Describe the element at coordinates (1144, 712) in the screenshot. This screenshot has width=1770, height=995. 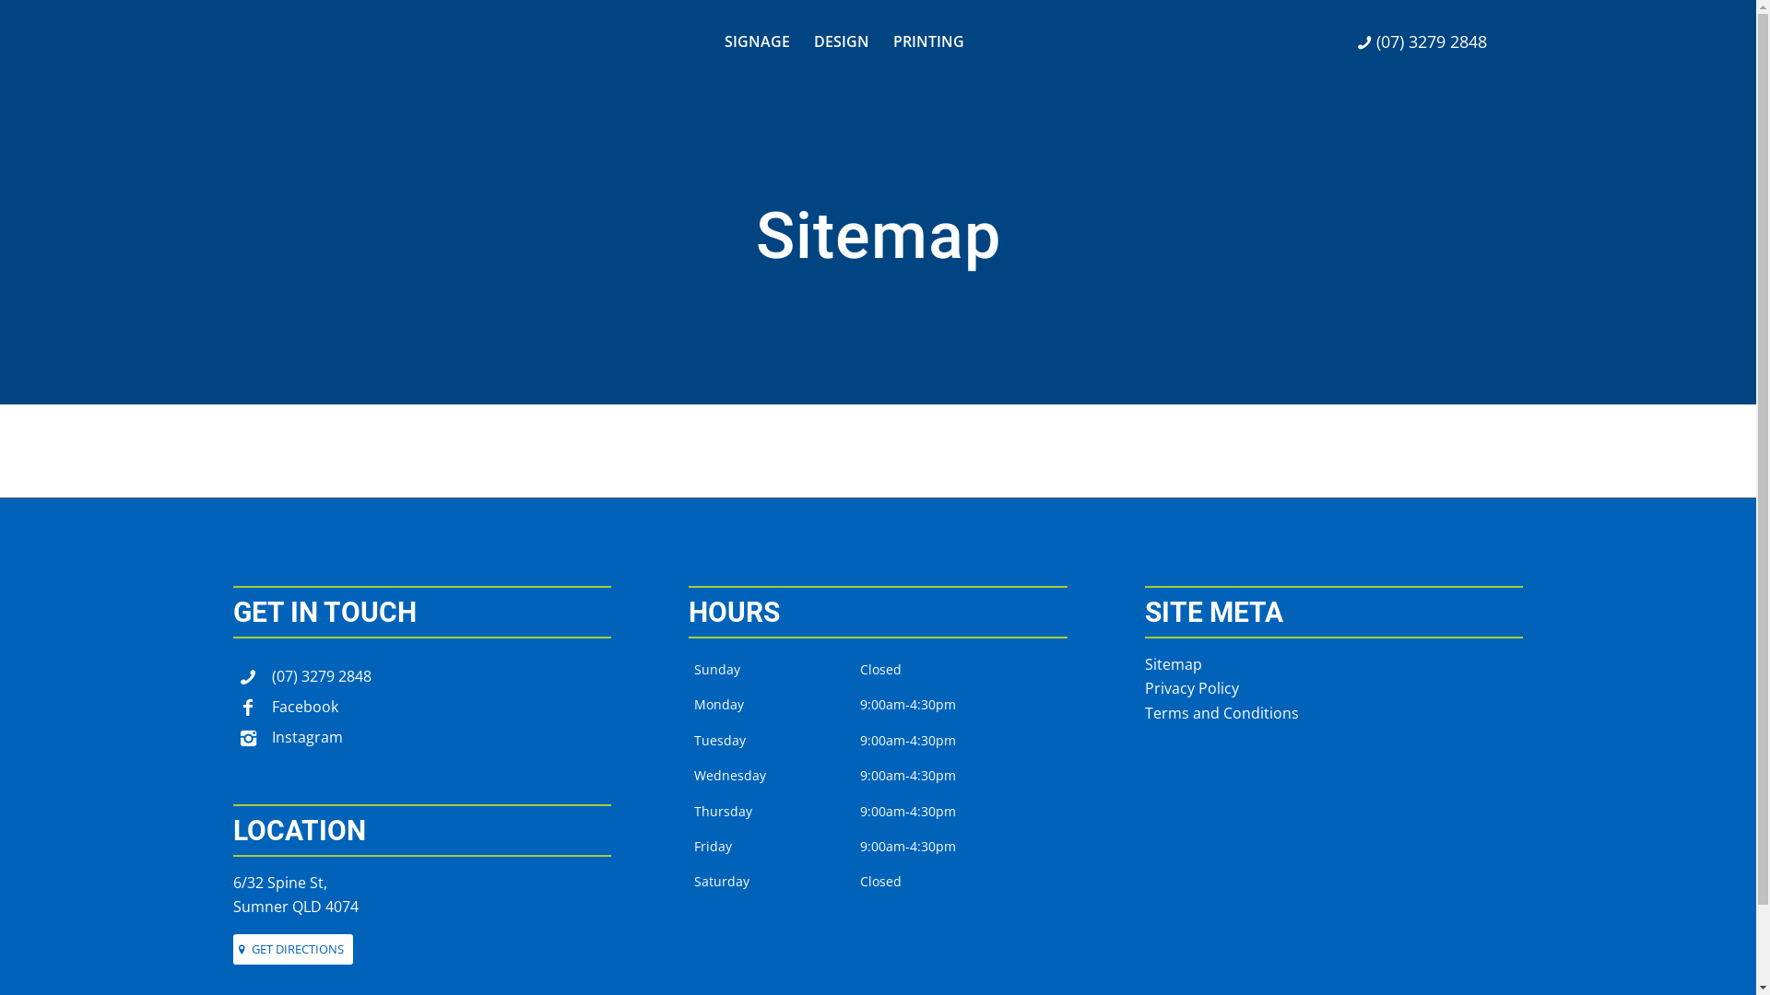
I see `'Terms and Conditions'` at that location.